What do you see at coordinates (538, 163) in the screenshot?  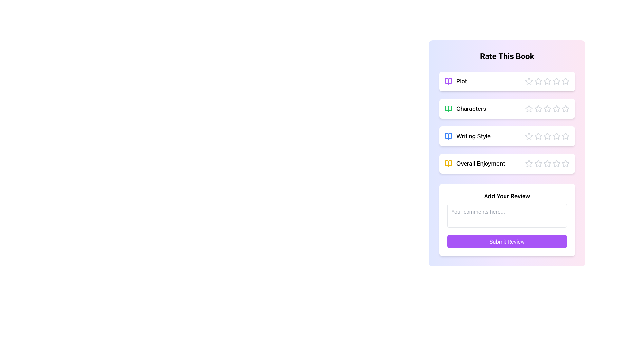 I see `the third star icon in the 'Overall Enjoyment' section for accessibility features` at bounding box center [538, 163].